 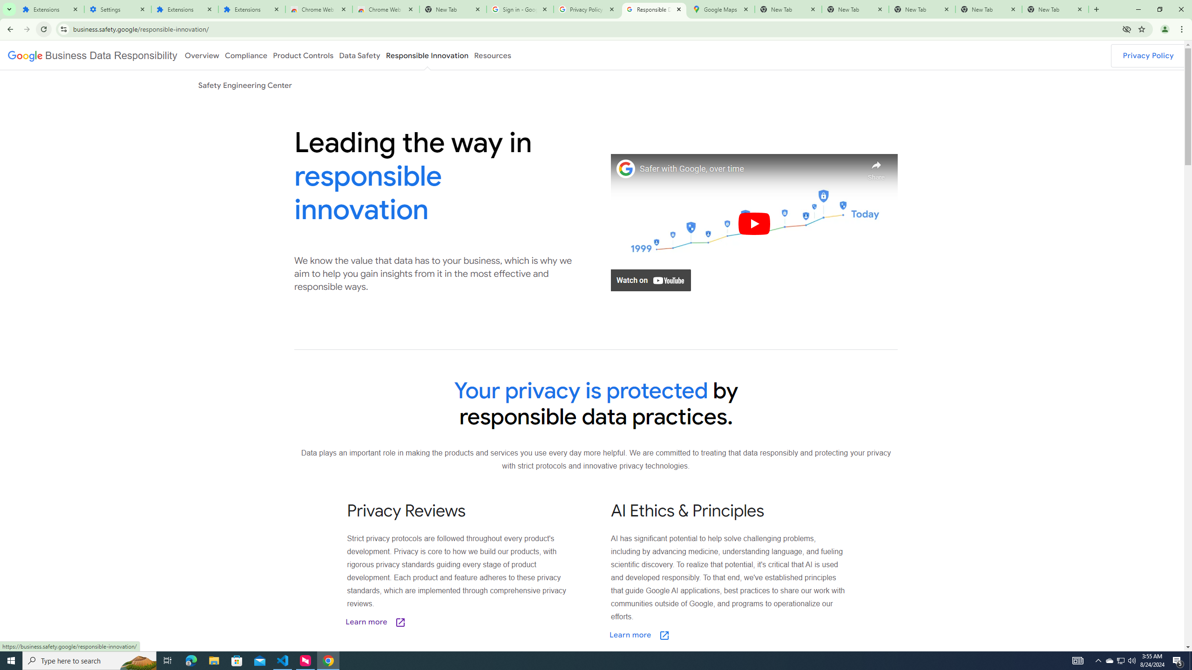 What do you see at coordinates (9, 29) in the screenshot?
I see `'Back'` at bounding box center [9, 29].